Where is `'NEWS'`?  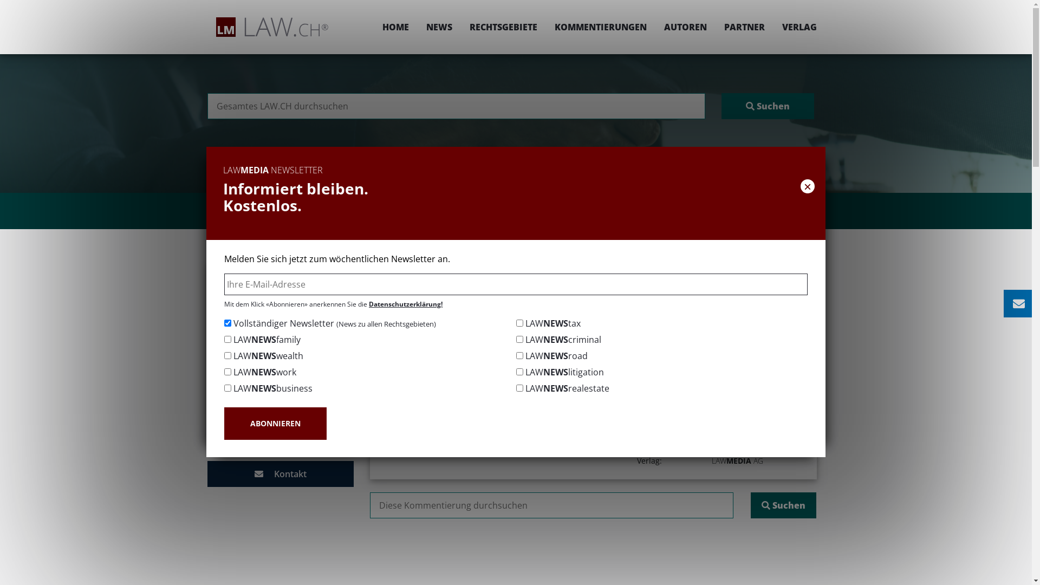
'NEWS' is located at coordinates (439, 27).